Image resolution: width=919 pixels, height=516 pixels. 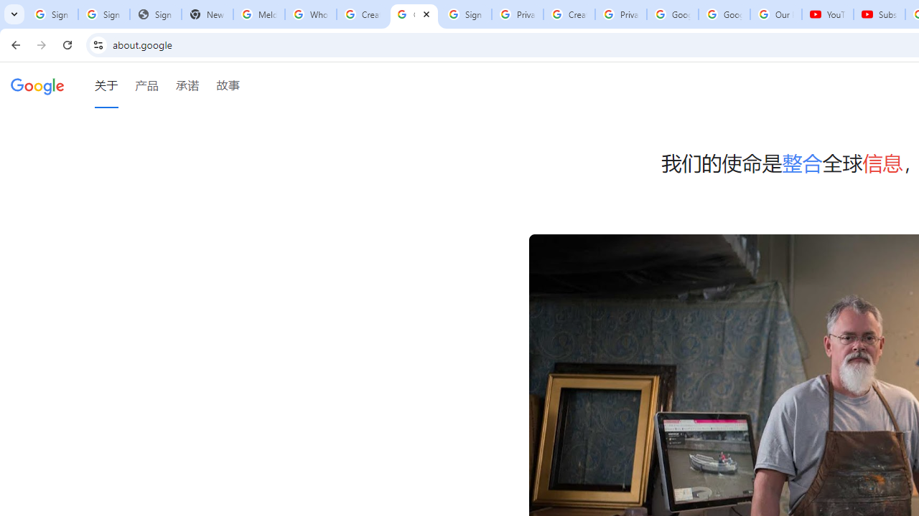 What do you see at coordinates (568, 14) in the screenshot?
I see `'Create your Google Account'` at bounding box center [568, 14].